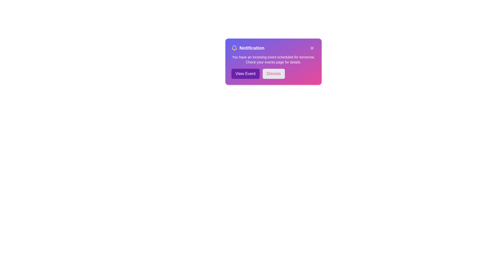 Image resolution: width=484 pixels, height=272 pixels. I want to click on the close button to hide the alert, so click(312, 48).